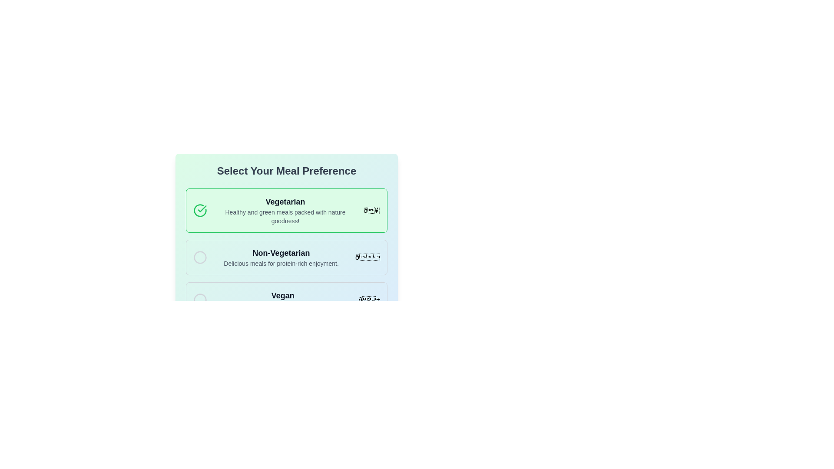 The image size is (834, 469). Describe the element at coordinates (199, 299) in the screenshot. I see `the circular radio button located to the left of the 'Vegan' option` at that location.